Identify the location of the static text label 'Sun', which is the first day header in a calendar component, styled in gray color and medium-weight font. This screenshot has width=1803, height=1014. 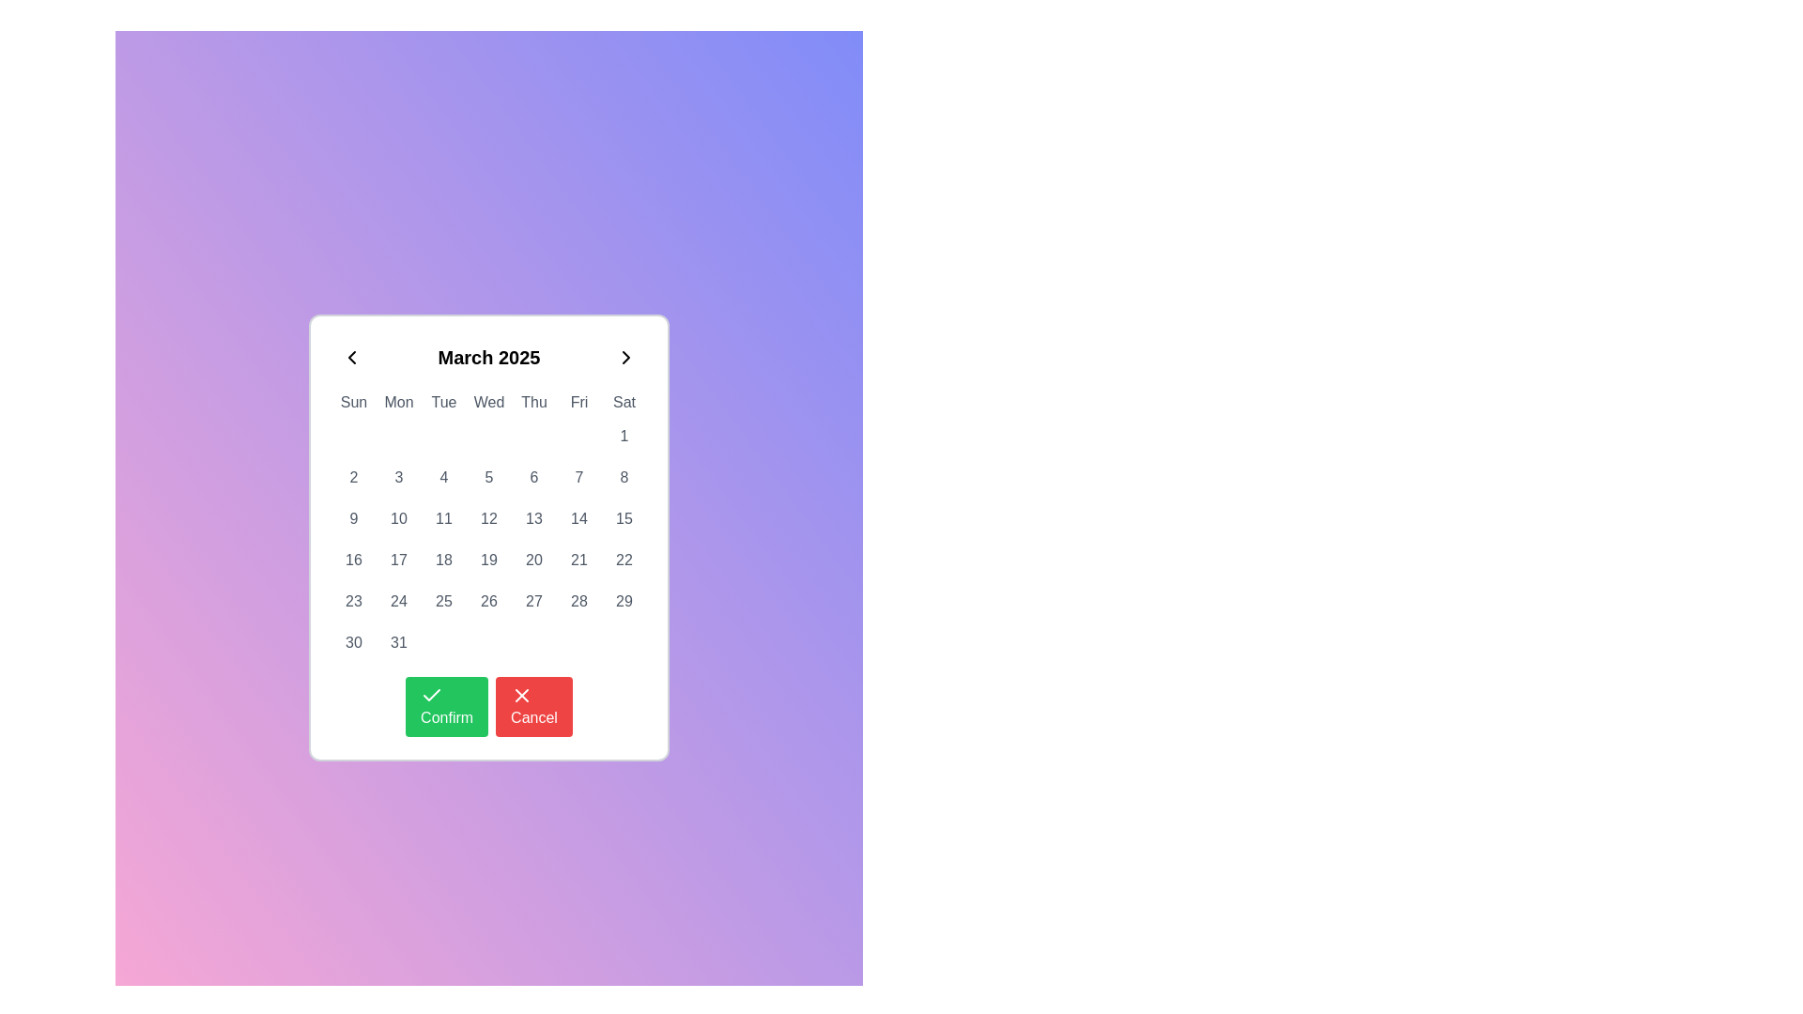
(354, 401).